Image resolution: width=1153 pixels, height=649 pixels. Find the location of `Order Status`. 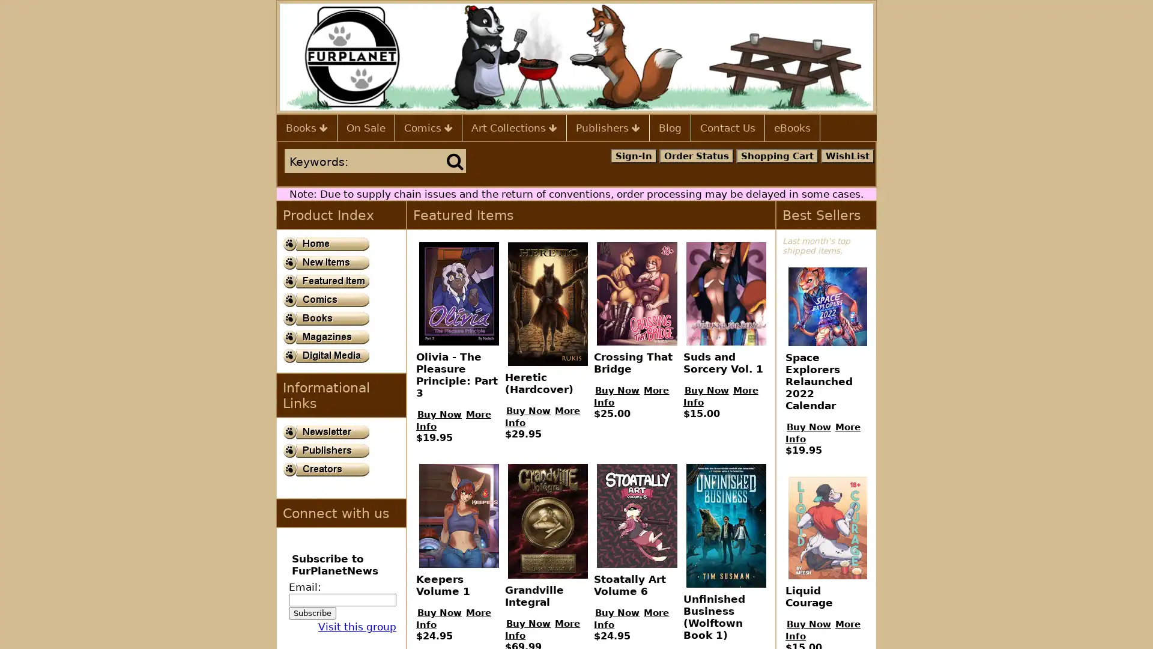

Order Status is located at coordinates (697, 154).